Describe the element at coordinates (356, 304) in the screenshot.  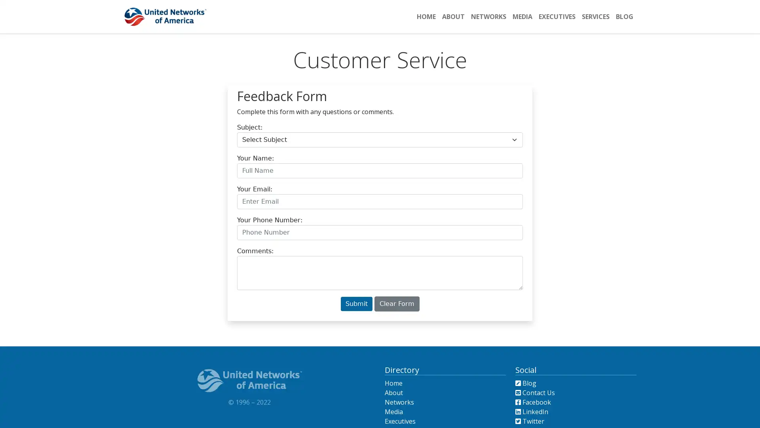
I see `Submit` at that location.